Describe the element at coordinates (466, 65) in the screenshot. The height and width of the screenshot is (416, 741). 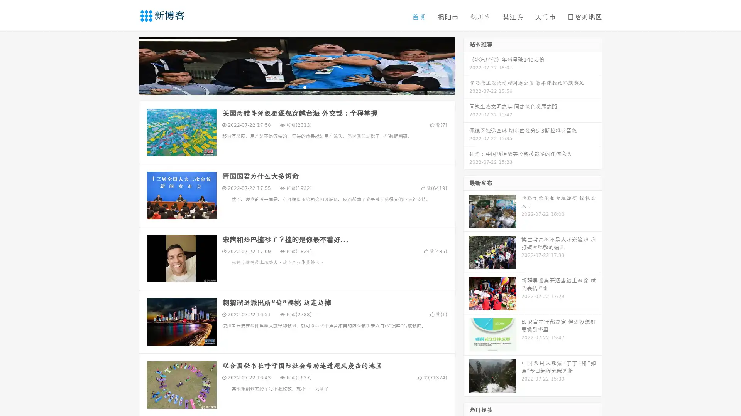
I see `Next slide` at that location.